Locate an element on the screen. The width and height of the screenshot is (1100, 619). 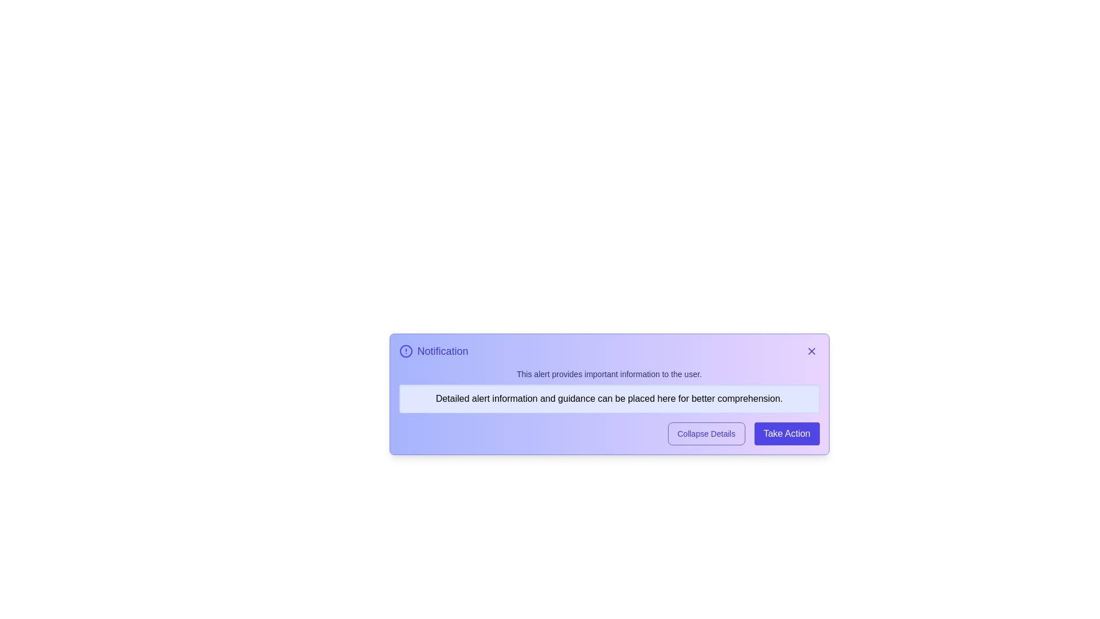
the close button to dismiss the alert is located at coordinates (811, 351).